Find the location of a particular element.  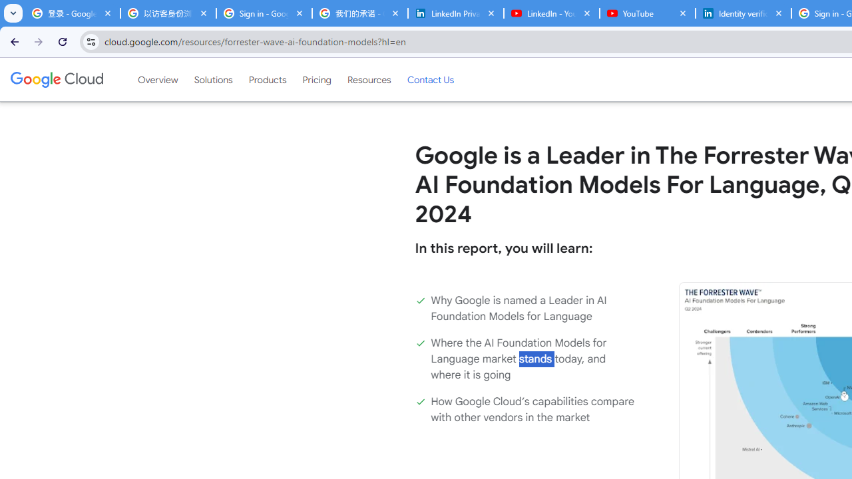

'YouTube' is located at coordinates (647, 13).